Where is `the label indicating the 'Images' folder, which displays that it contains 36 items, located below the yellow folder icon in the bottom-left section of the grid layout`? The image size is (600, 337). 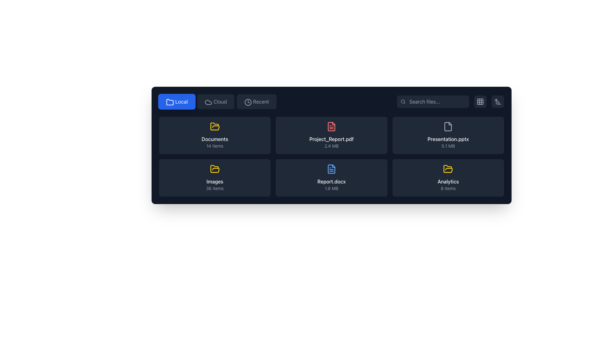
the label indicating the 'Images' folder, which displays that it contains 36 items, located below the yellow folder icon in the bottom-left section of the grid layout is located at coordinates (215, 184).